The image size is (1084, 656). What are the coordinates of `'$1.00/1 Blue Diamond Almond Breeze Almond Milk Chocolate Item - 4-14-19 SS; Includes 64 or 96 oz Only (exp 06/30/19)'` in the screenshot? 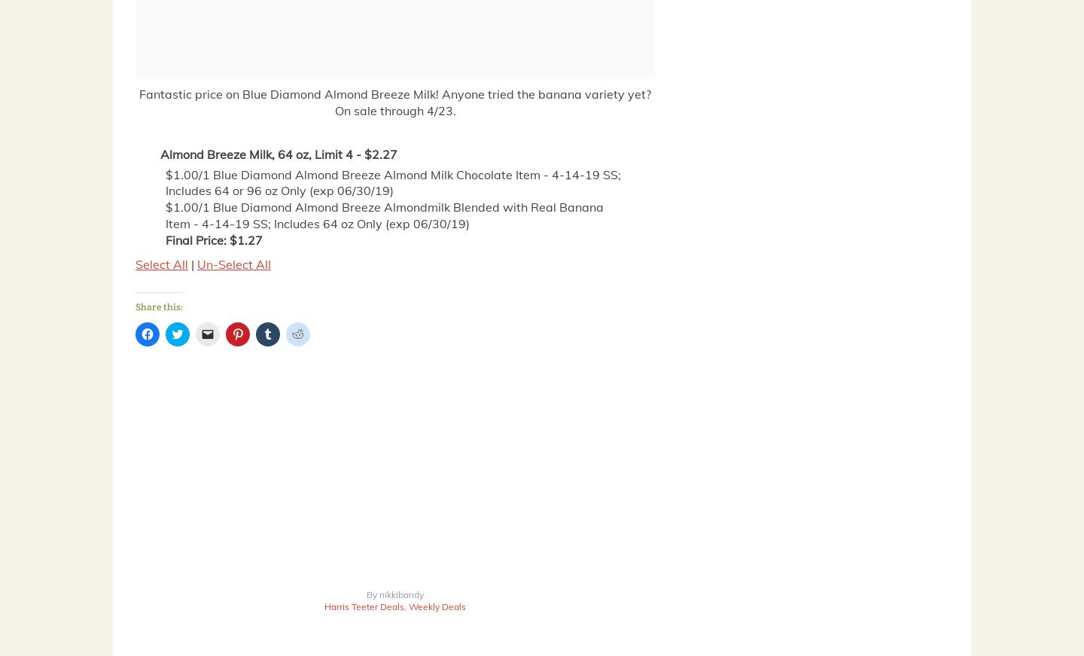 It's located at (166, 182).